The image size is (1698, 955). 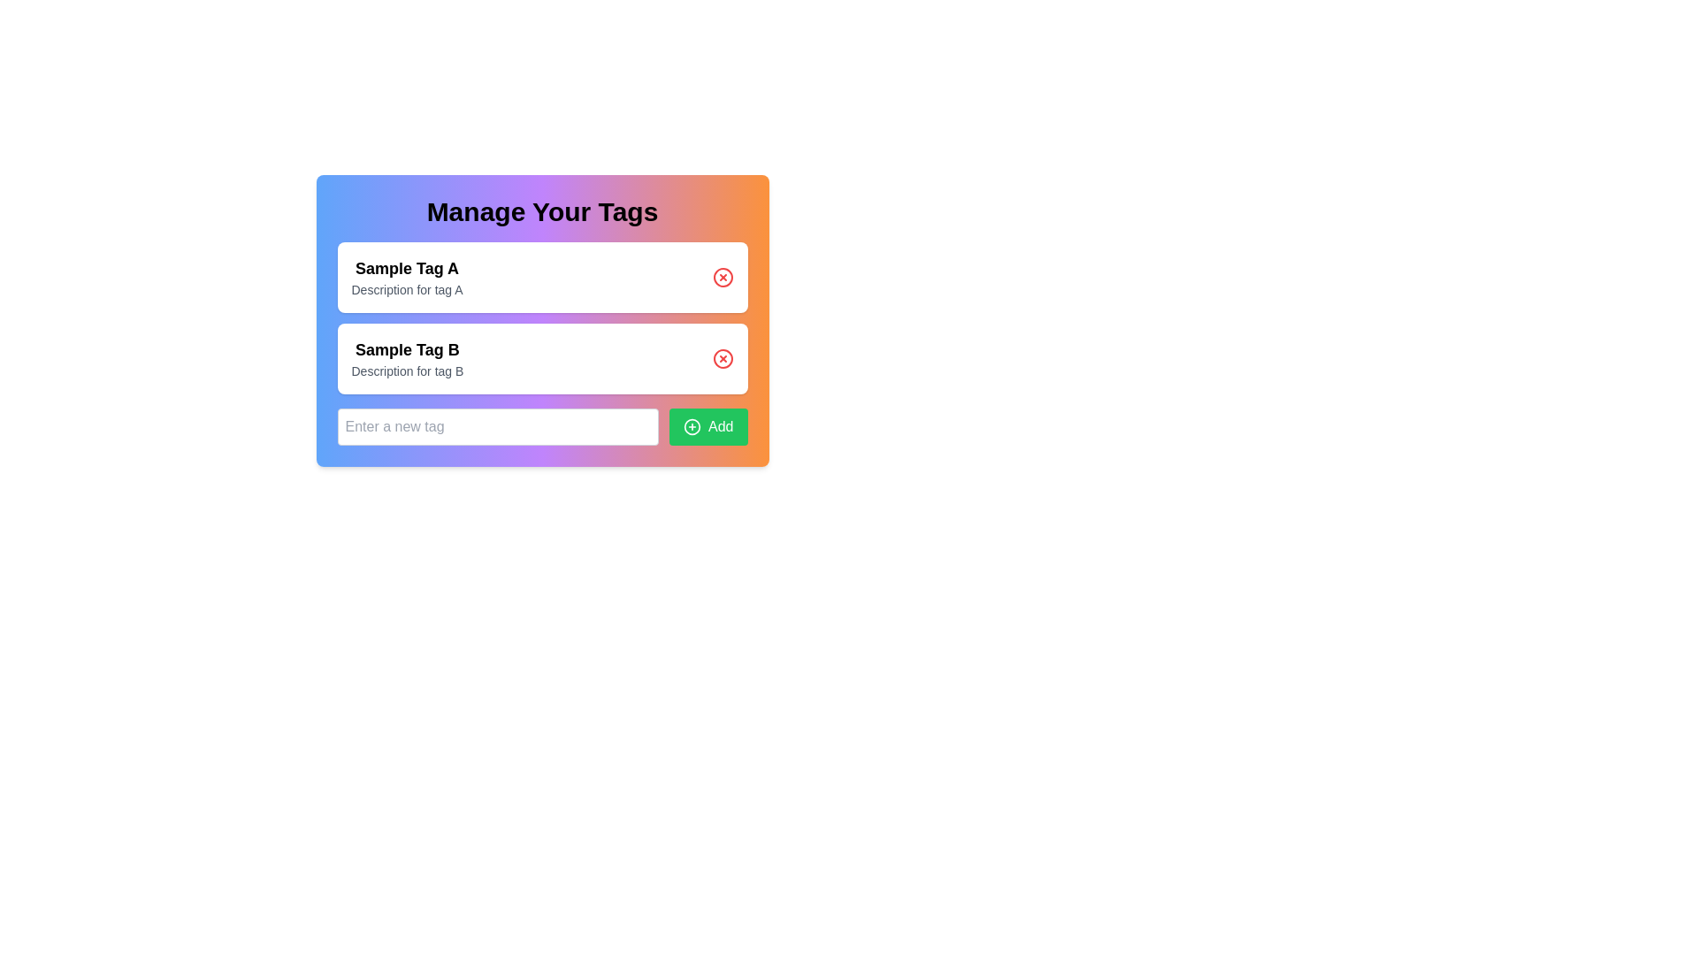 What do you see at coordinates (723, 277) in the screenshot?
I see `the button located at the top-right corner of the rectangular box containing 'Sample Tag A' and its description` at bounding box center [723, 277].